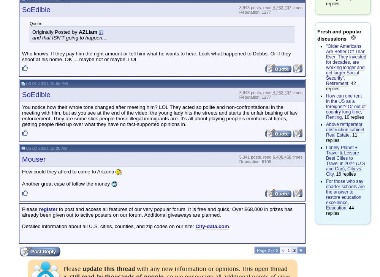  What do you see at coordinates (239, 161) in the screenshot?
I see `'Reputation: 6106'` at bounding box center [239, 161].